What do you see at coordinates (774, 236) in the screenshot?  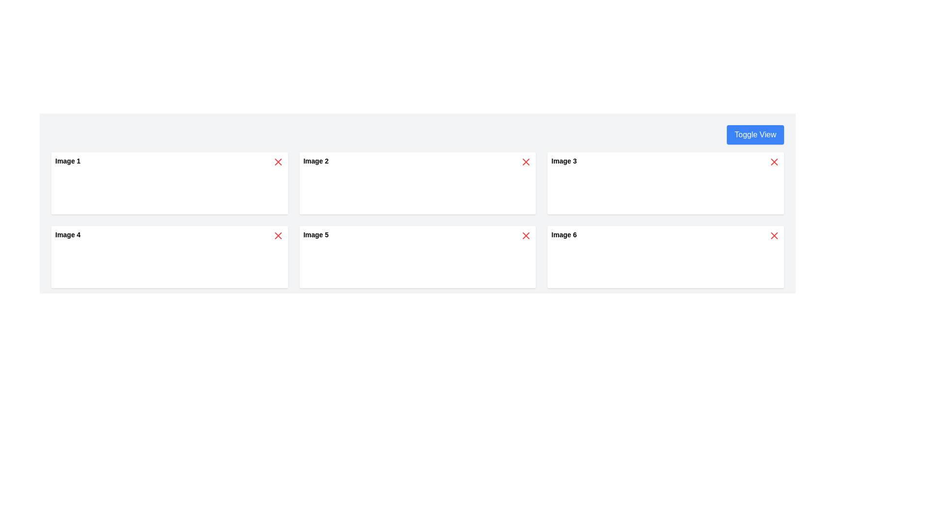 I see `the small red 'X' button located at the top-right corner of the white box labeled 'Image 6'` at bounding box center [774, 236].